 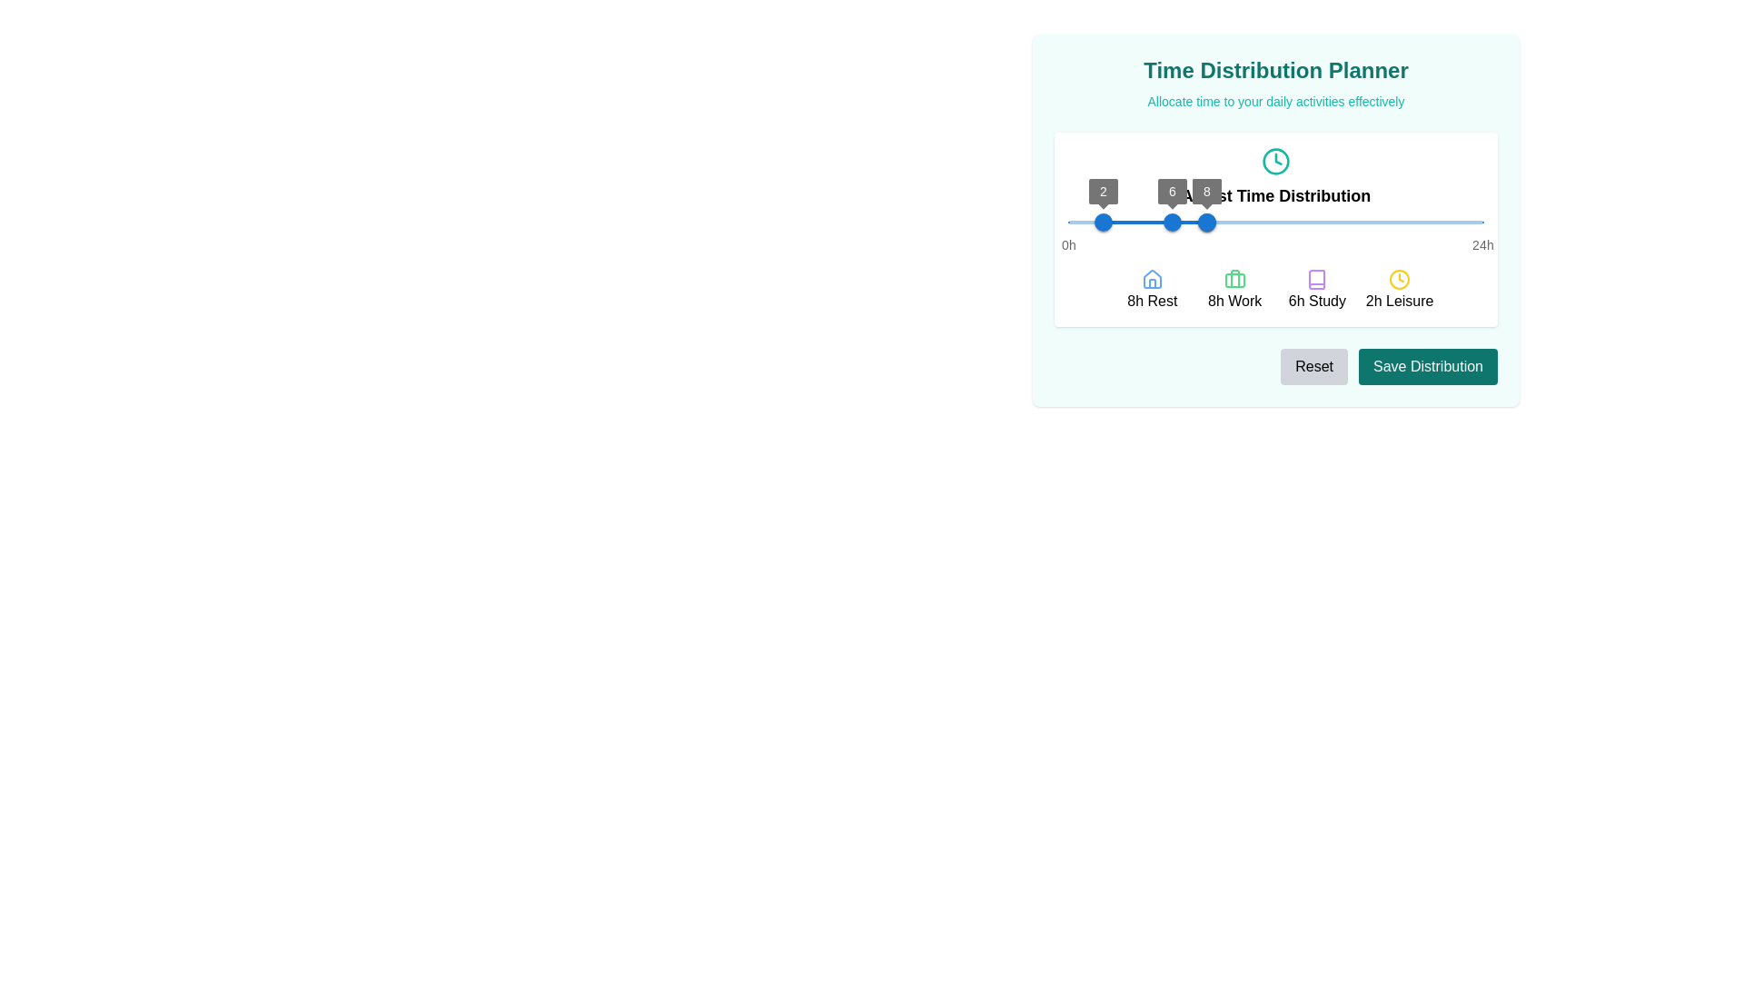 What do you see at coordinates (1314, 367) in the screenshot?
I see `the 'Reset' button with a gray background and rounded corners located at the bottom-right section of the 'Time Distribution Planner' card` at bounding box center [1314, 367].